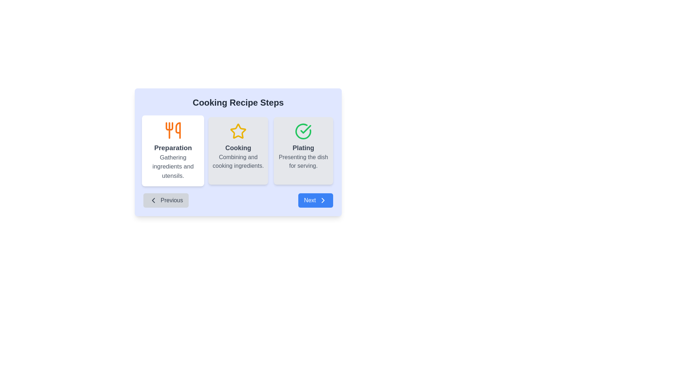 This screenshot has width=690, height=388. What do you see at coordinates (322, 200) in the screenshot?
I see `the chevron icon located to the right of the text 'Next' inside the 'Next' button at the bottom-right corner of the 'Cooking Recipe Steps' interface to proceed to the next step` at bounding box center [322, 200].